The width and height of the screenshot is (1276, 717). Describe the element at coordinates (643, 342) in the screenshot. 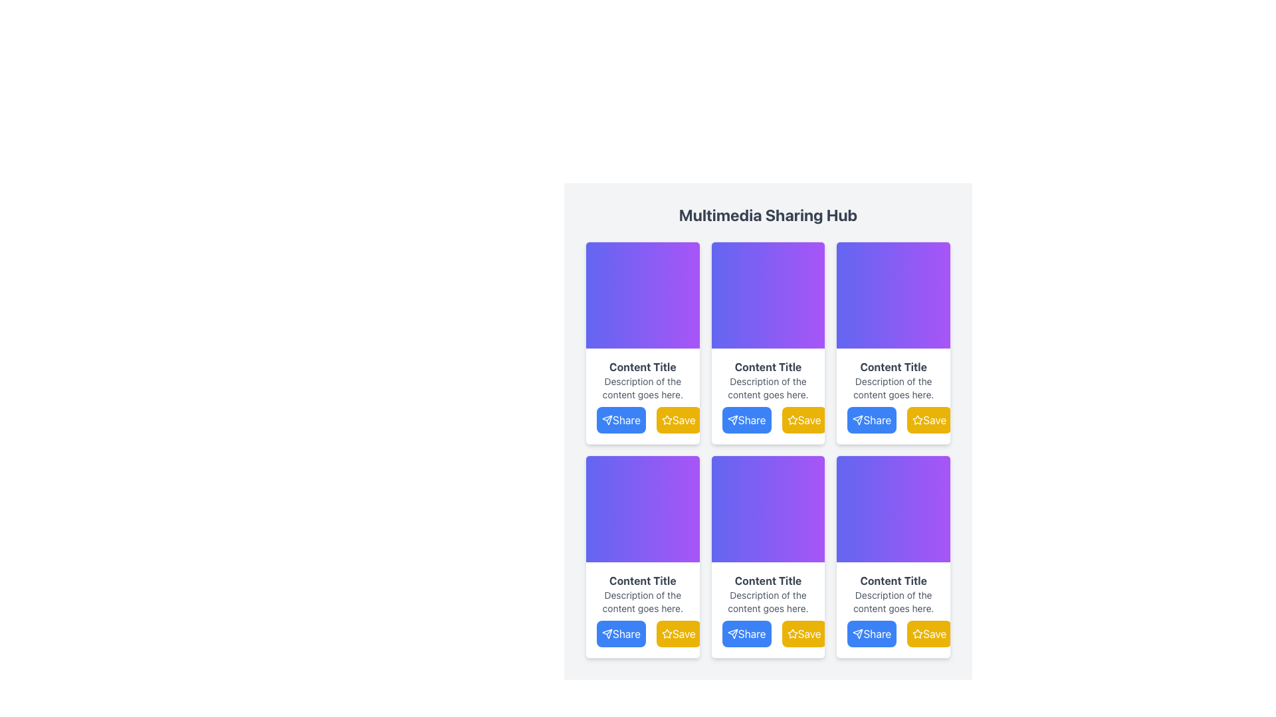

I see `the first content card in the 3-column grid layout located below the title 'Multimedia Sharing Hub'` at that location.